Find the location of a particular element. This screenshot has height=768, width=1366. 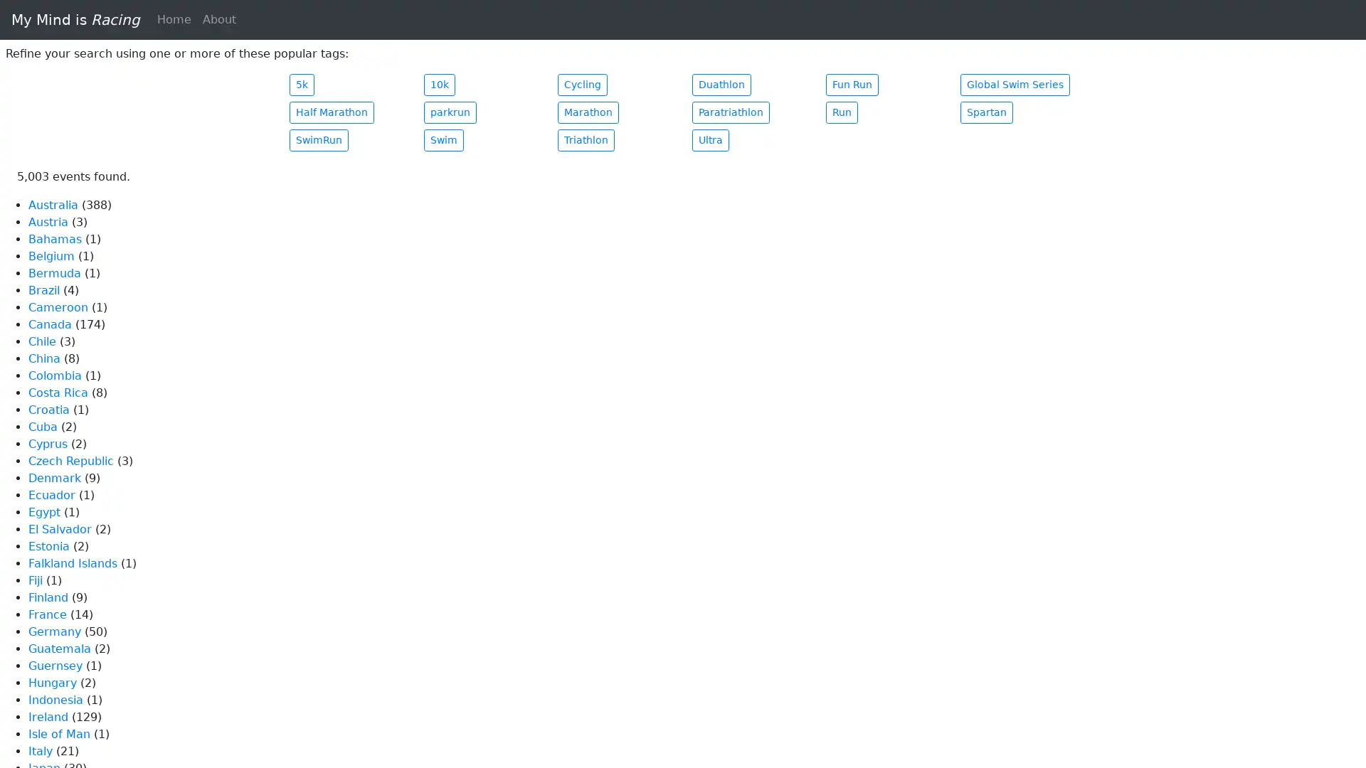

Global Swim Series is located at coordinates (1013, 85).